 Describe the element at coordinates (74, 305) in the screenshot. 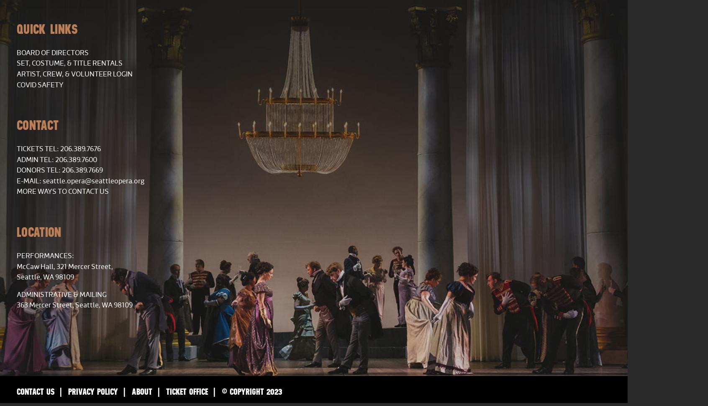

I see `'363 Mercer Street, Seattle, WA 98109'` at that location.